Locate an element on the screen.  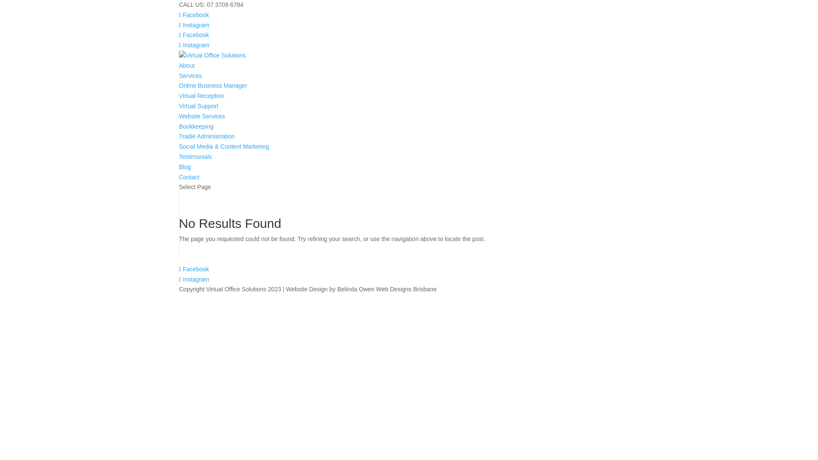
'Online Business Manager' is located at coordinates (213, 85).